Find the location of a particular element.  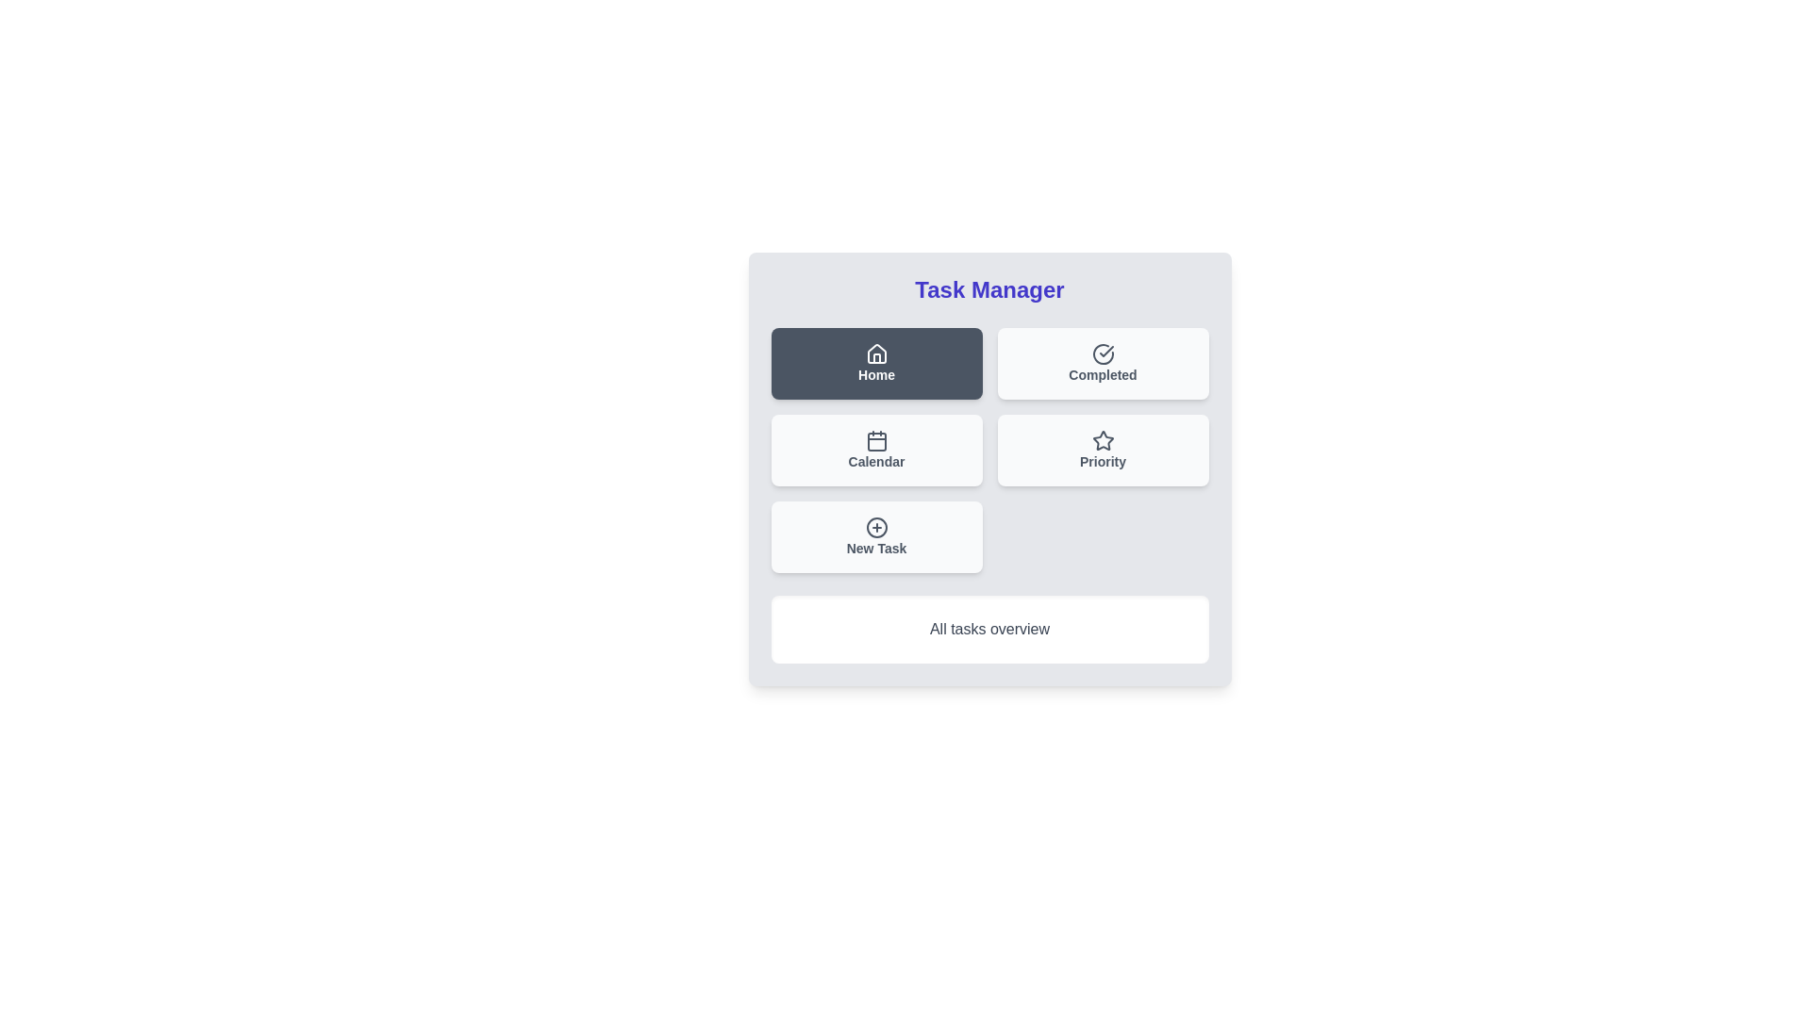

the plus sign icon with a gray stroke located in the 'New Task' button group, positioned directly above the 'New Task' label is located at coordinates (875, 527).